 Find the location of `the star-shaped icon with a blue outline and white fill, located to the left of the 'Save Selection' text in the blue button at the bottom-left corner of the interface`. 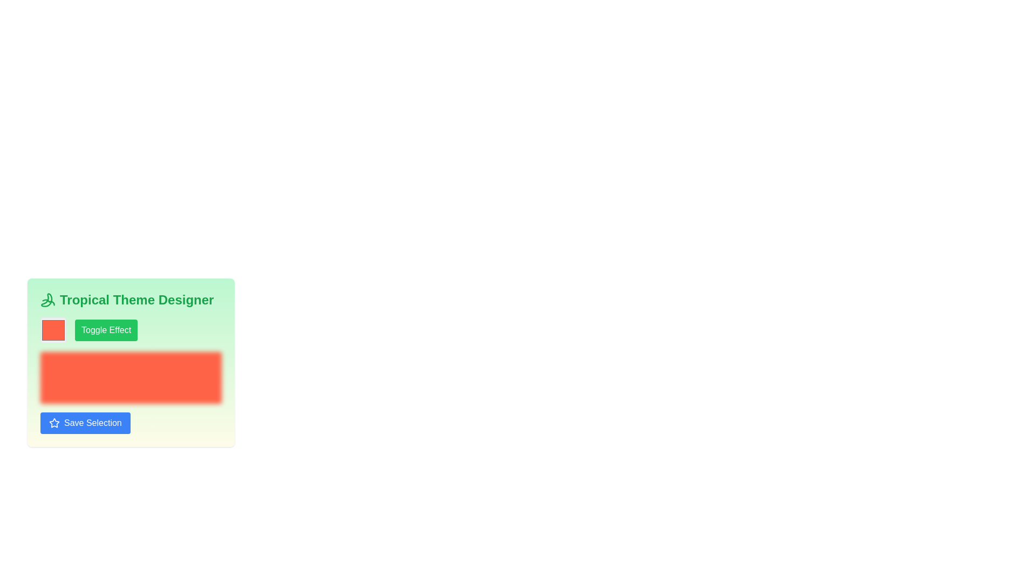

the star-shaped icon with a blue outline and white fill, located to the left of the 'Save Selection' text in the blue button at the bottom-left corner of the interface is located at coordinates (53, 422).